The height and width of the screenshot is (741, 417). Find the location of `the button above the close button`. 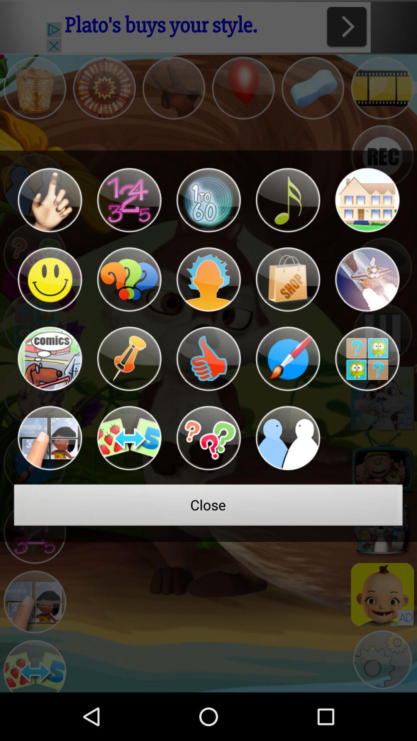

the button above the close button is located at coordinates (208, 438).